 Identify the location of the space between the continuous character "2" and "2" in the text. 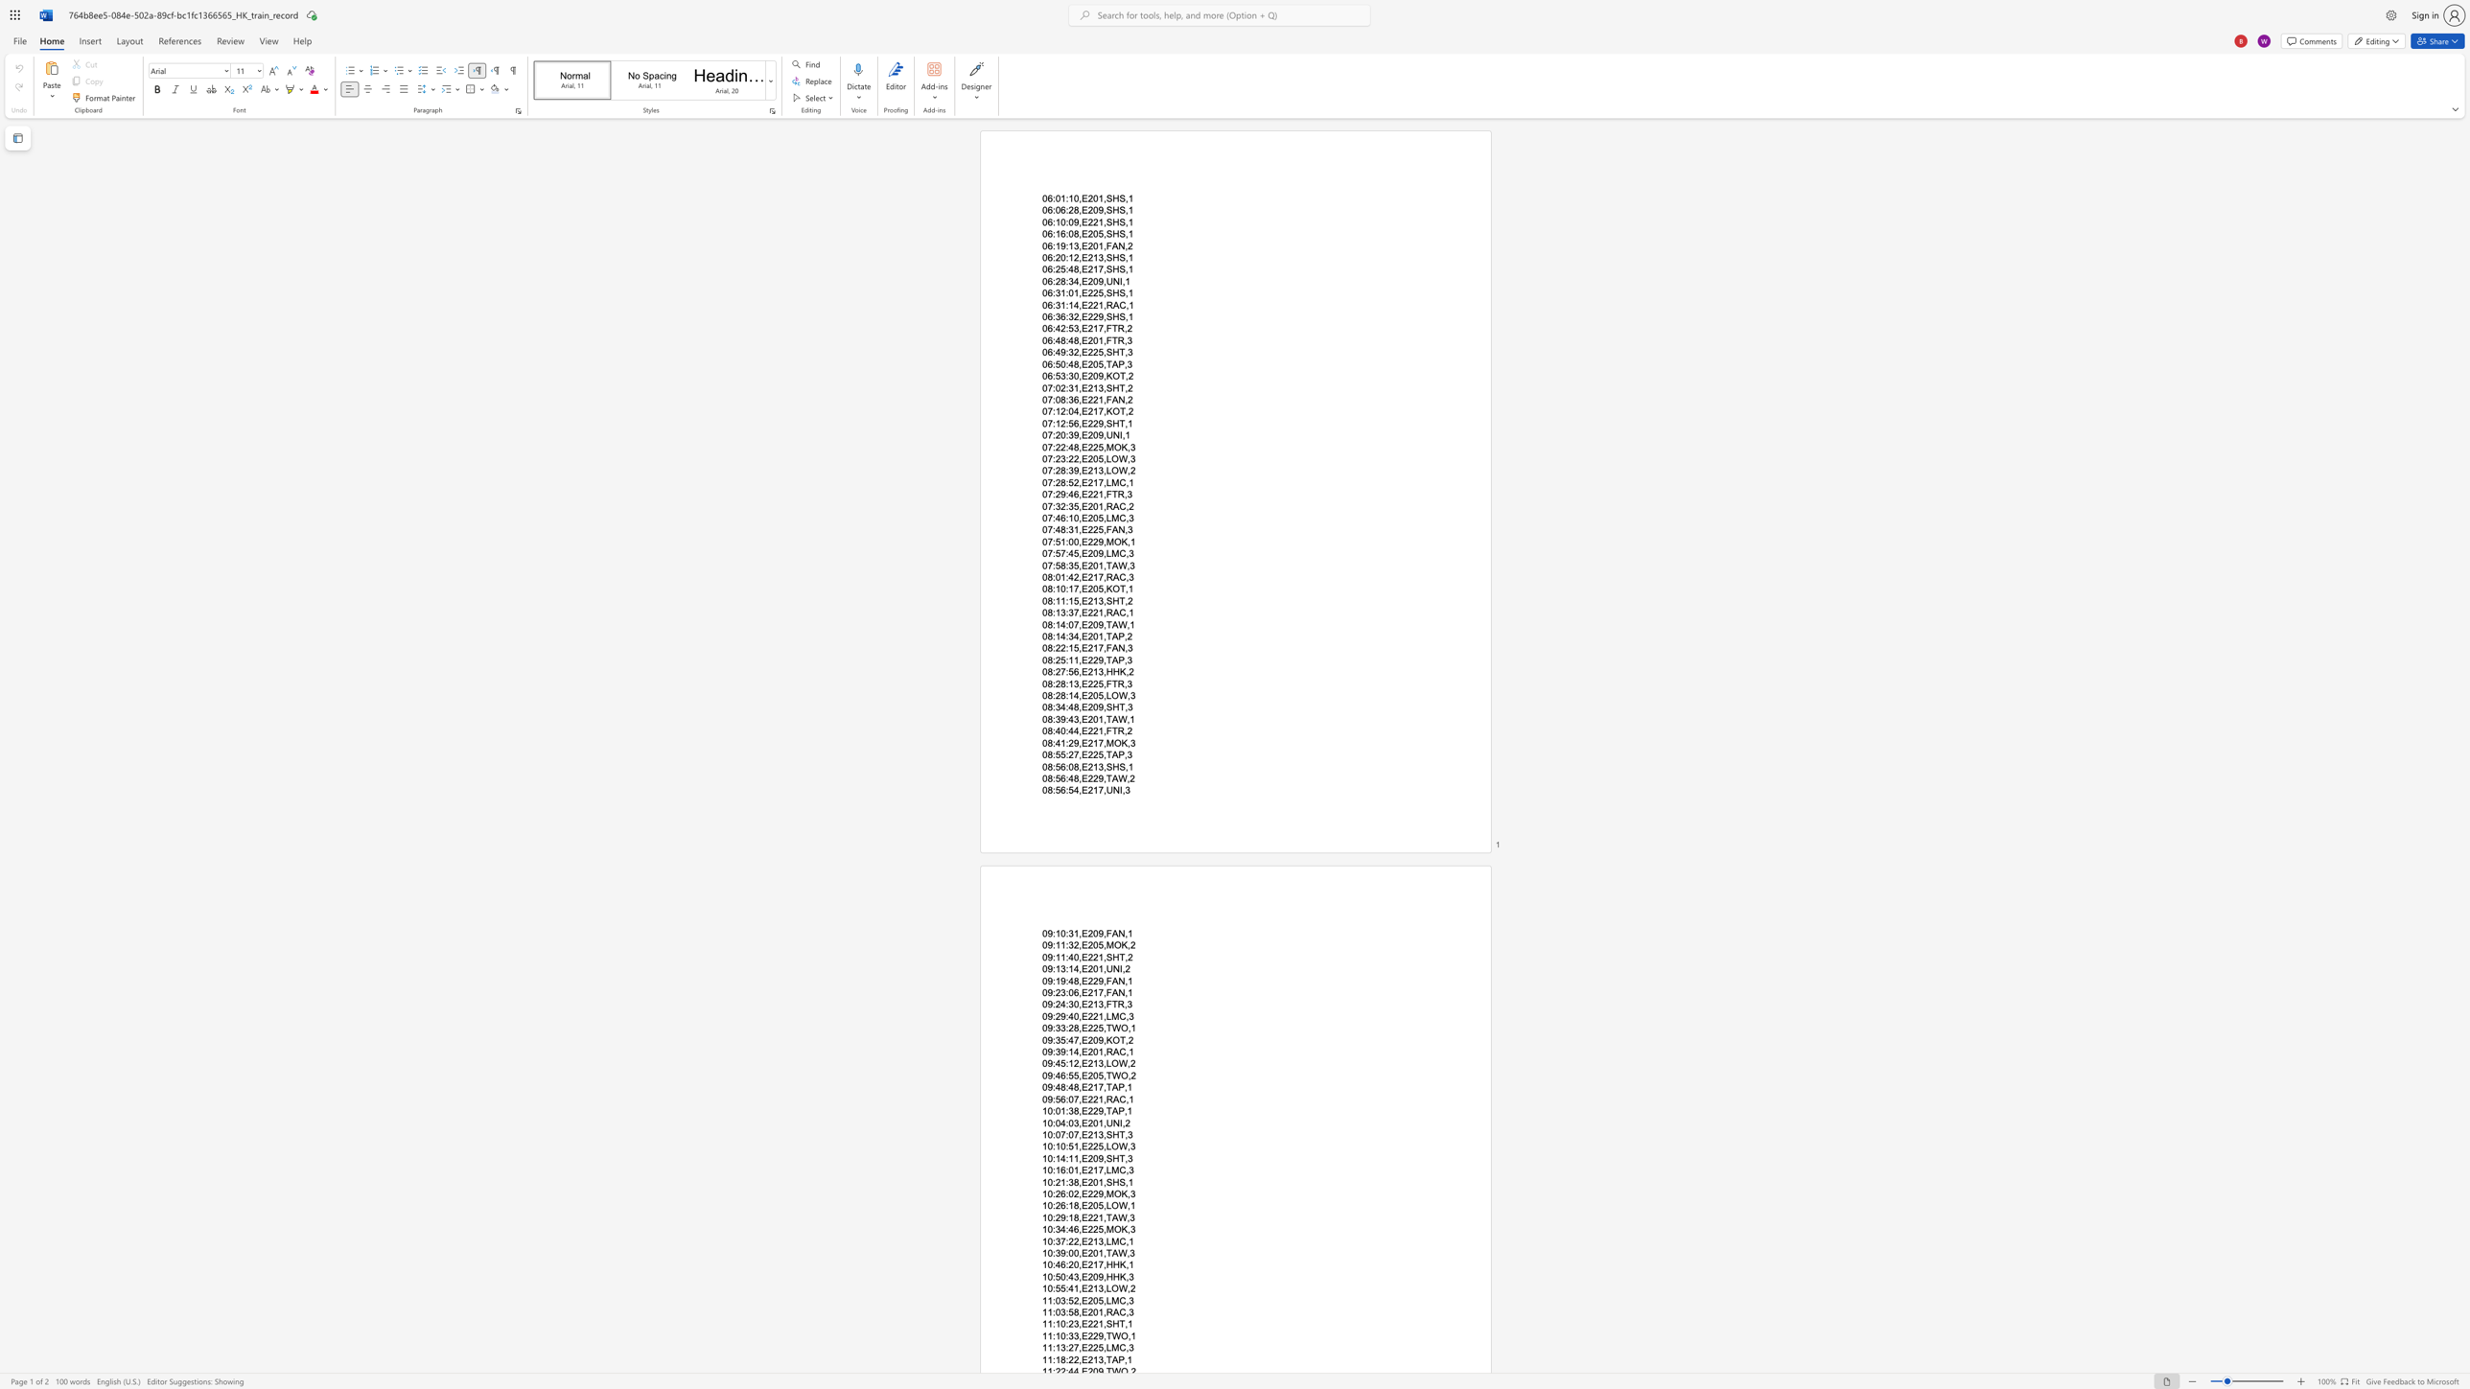
(1091, 956).